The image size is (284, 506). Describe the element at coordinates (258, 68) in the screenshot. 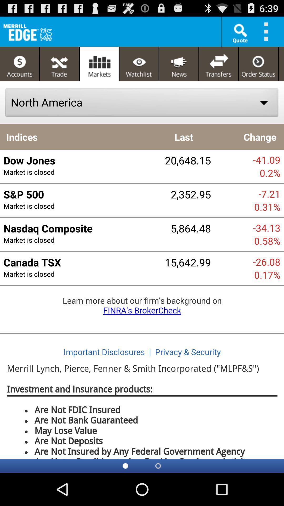

I see `the time icon` at that location.